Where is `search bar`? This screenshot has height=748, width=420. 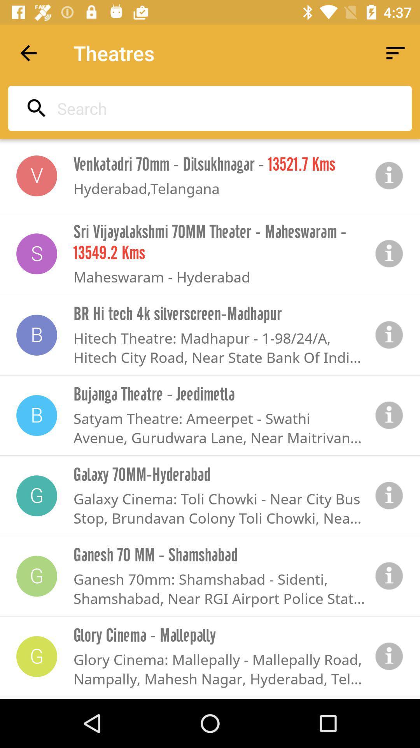
search bar is located at coordinates (207, 108).